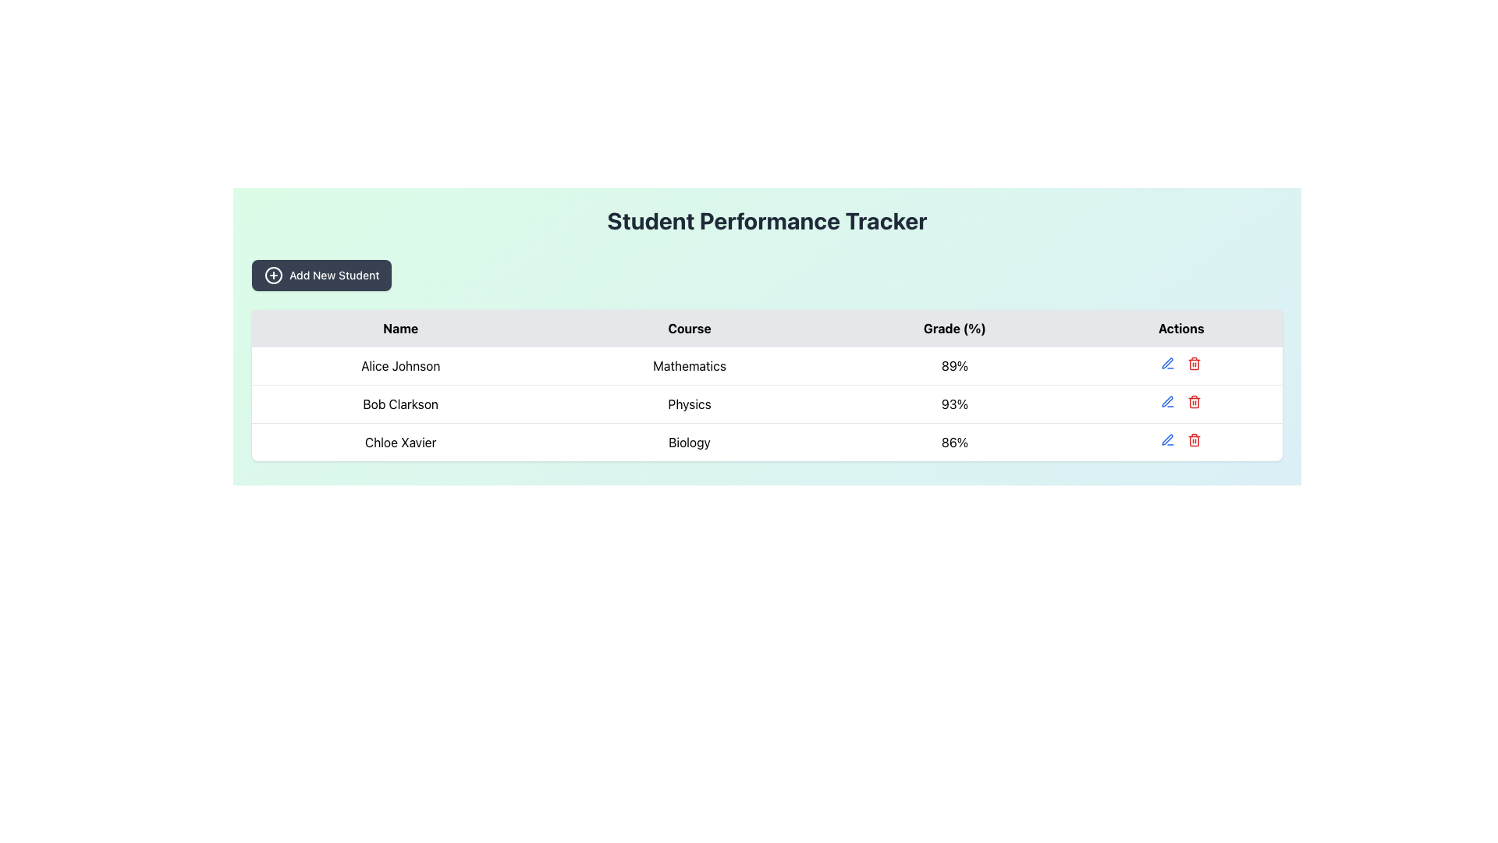 The image size is (1498, 843). What do you see at coordinates (954, 403) in the screenshot?
I see `the text label that displays the grade percentage for the course 'Physics' in the context of student 'Bob Clarkson'` at bounding box center [954, 403].